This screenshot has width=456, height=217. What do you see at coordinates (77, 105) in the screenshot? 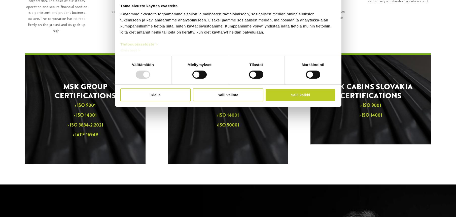
I see `'ISO 9001'` at bounding box center [77, 105].